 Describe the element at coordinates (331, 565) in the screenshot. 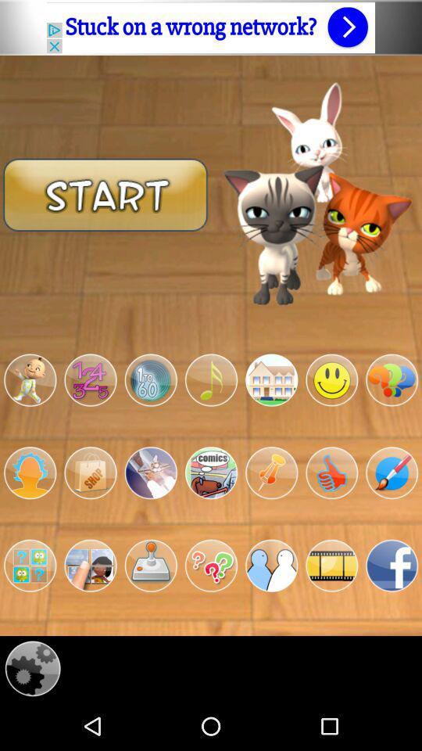

I see `application` at that location.